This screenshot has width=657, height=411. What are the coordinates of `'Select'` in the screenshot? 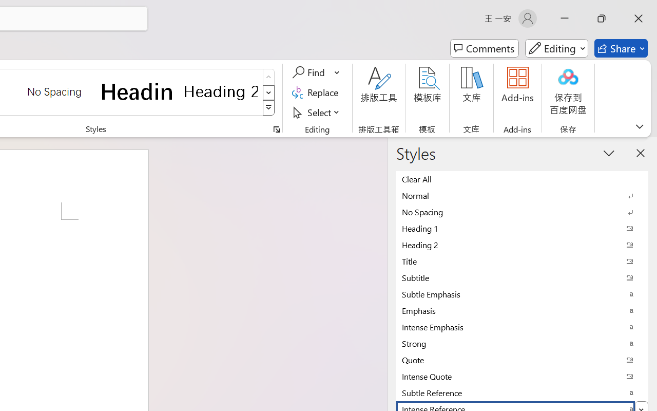 It's located at (317, 112).